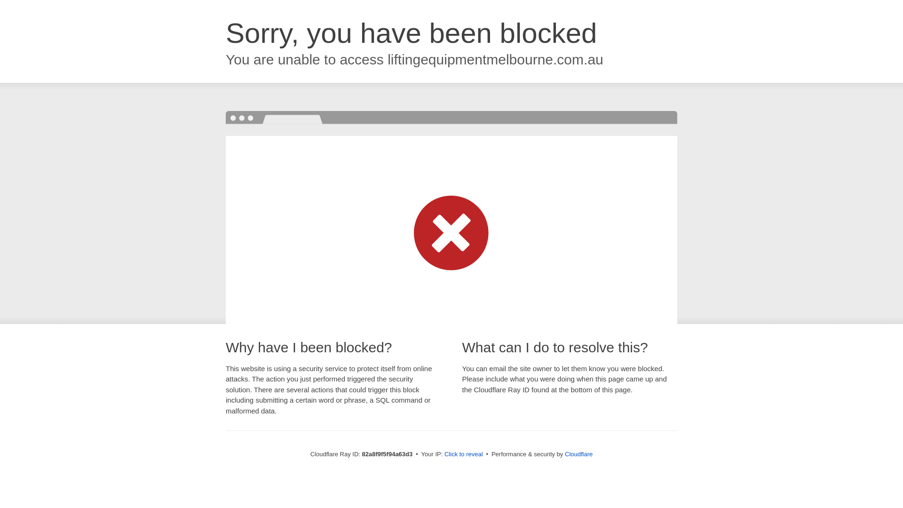 The height and width of the screenshot is (508, 903). Describe the element at coordinates (463, 453) in the screenshot. I see `'Click to reveal'` at that location.